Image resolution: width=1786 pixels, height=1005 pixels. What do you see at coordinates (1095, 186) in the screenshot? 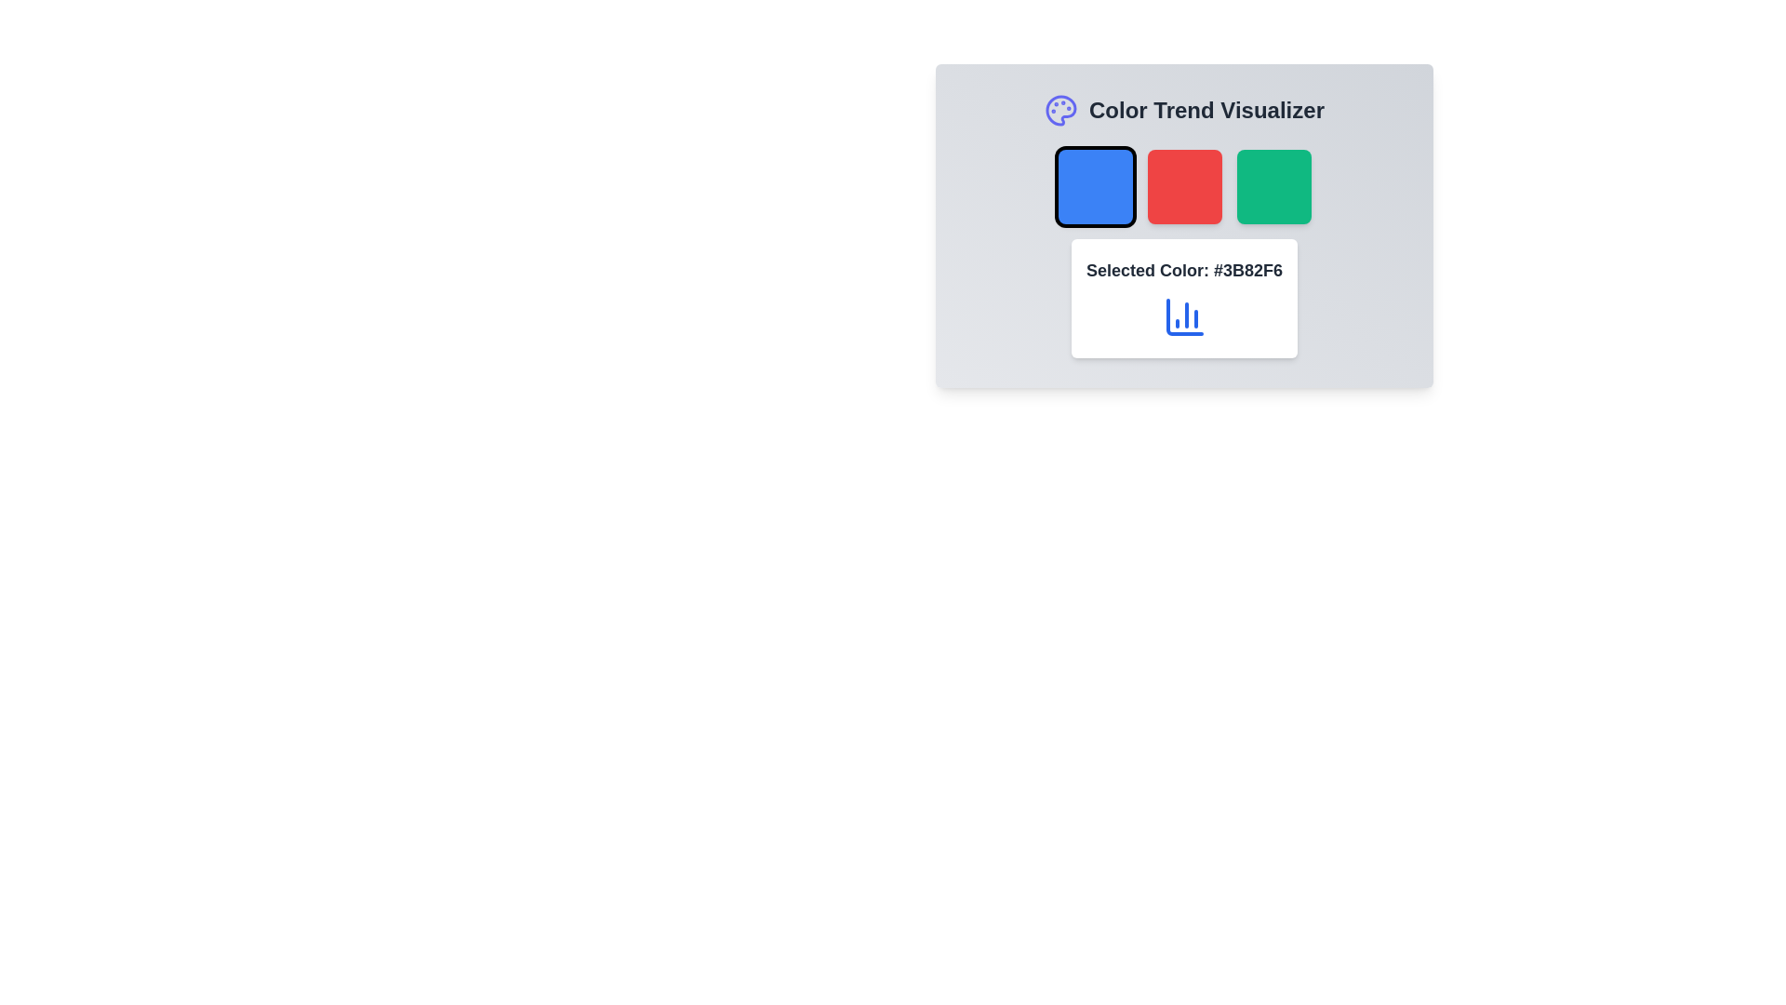
I see `the leftmost square button with a blue background and rounded corners in the 'Color Trend Visualizer' section` at bounding box center [1095, 186].